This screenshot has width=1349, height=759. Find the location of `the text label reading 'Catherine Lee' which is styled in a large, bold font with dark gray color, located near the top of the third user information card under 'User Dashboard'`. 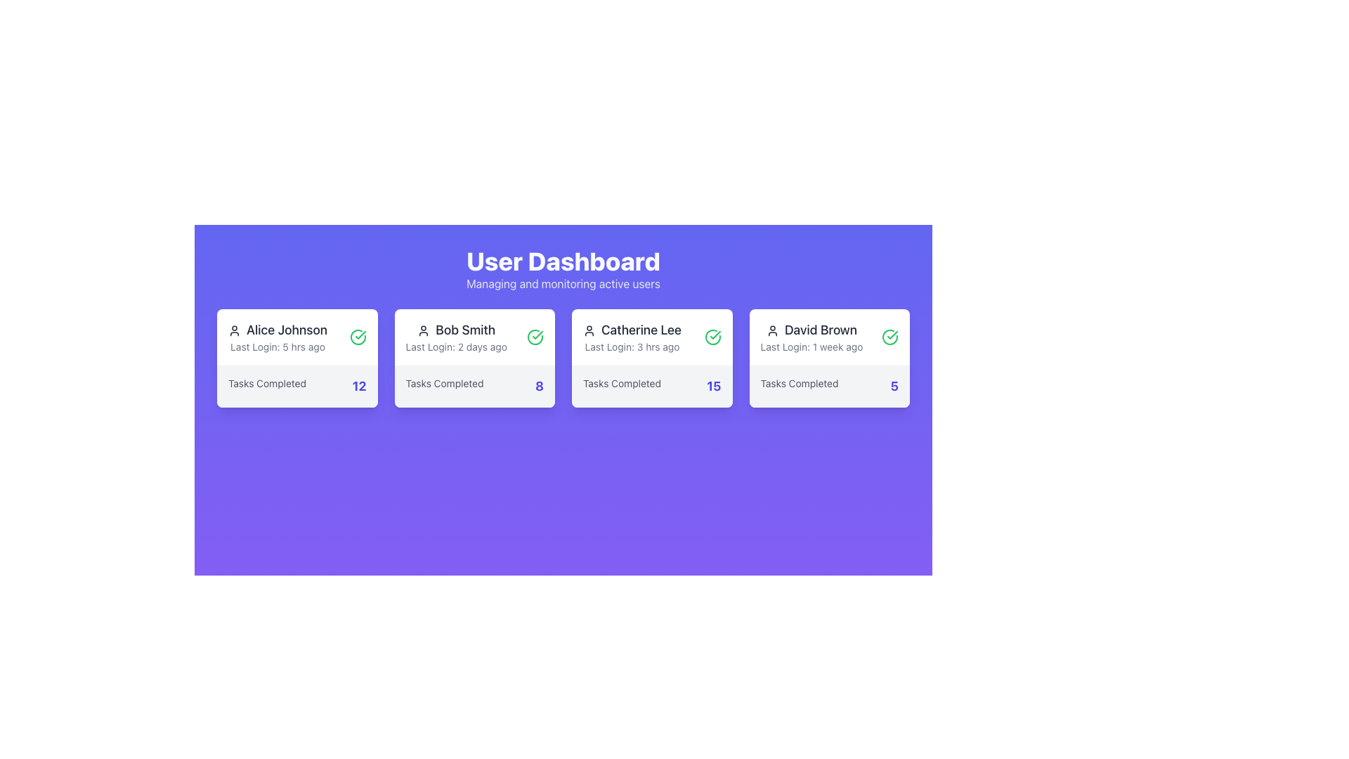

the text label reading 'Catherine Lee' which is styled in a large, bold font with dark gray color, located near the top of the third user information card under 'User Dashboard' is located at coordinates (631, 330).